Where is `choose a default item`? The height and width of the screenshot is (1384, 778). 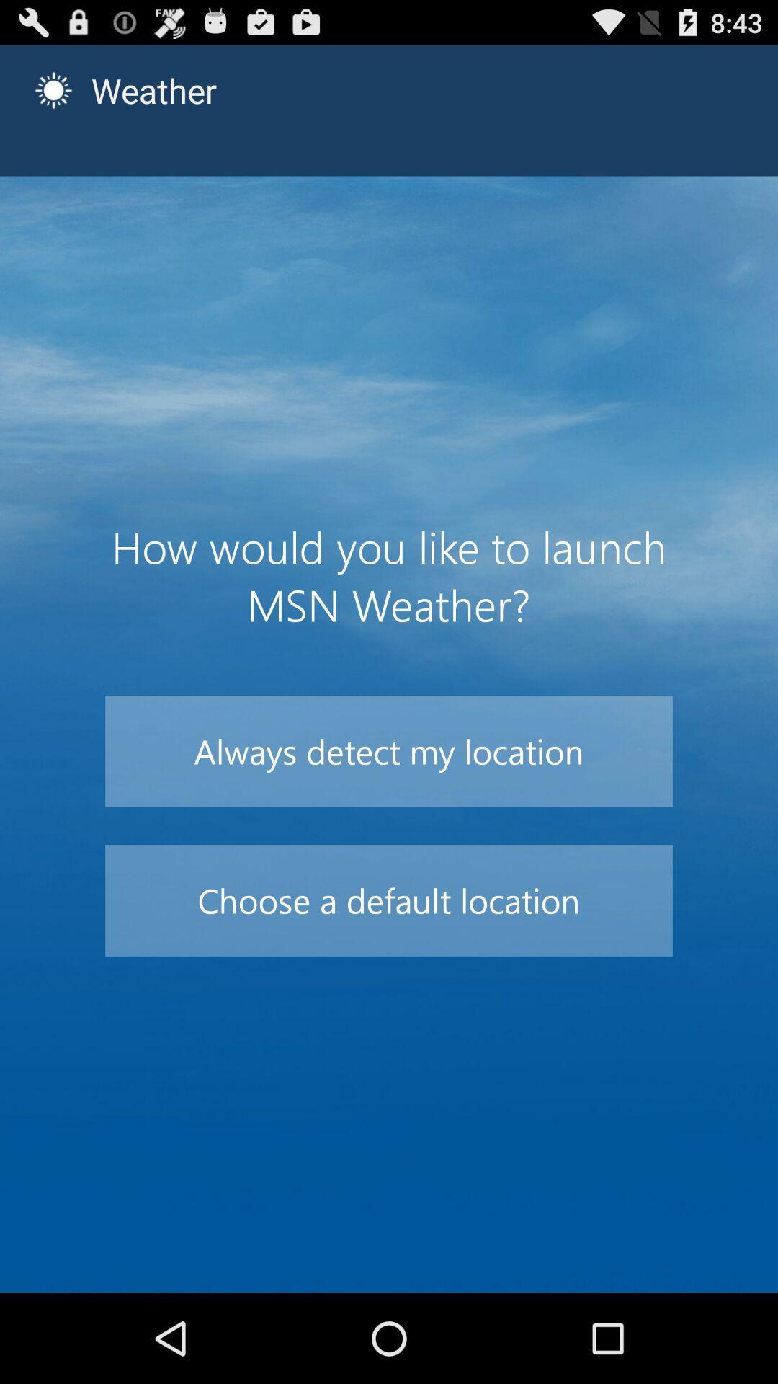
choose a default item is located at coordinates (389, 900).